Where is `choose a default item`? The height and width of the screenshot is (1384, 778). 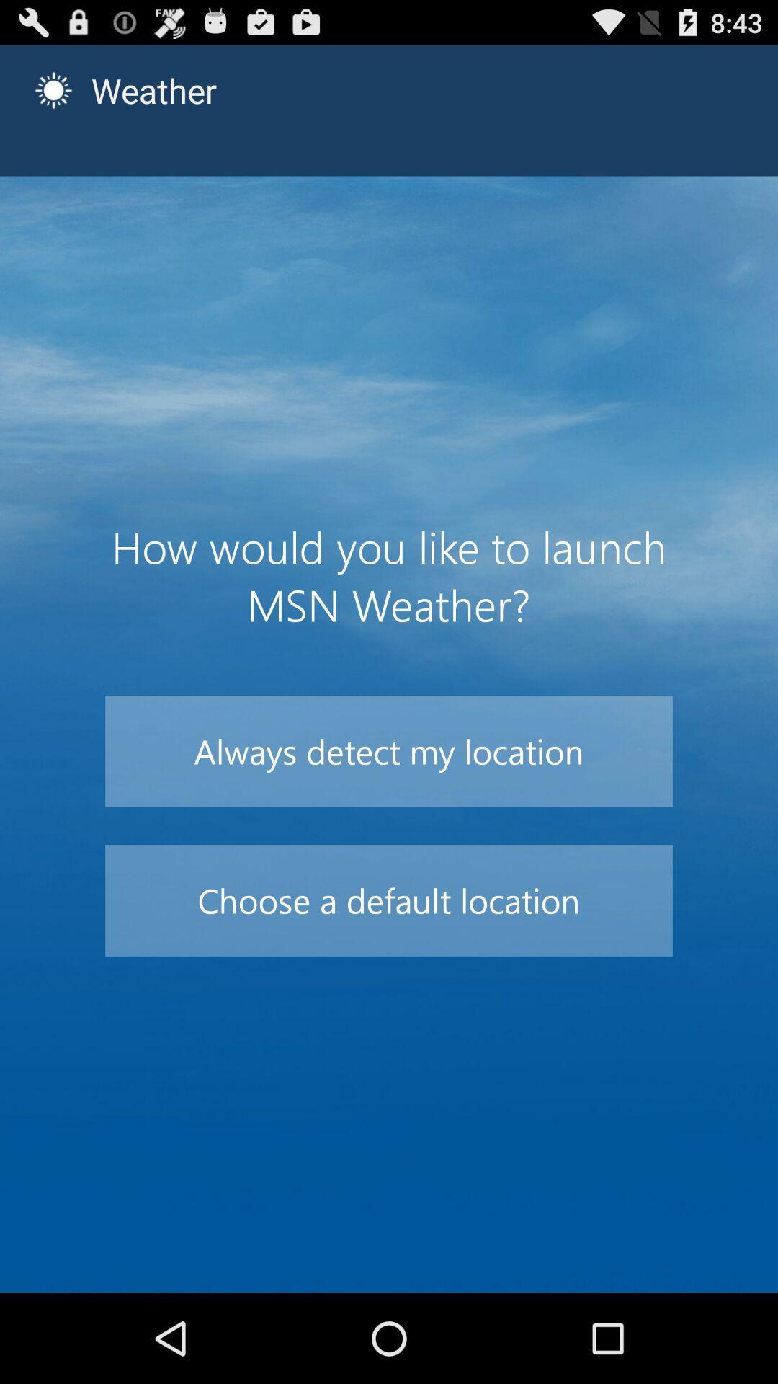
choose a default item is located at coordinates (389, 900).